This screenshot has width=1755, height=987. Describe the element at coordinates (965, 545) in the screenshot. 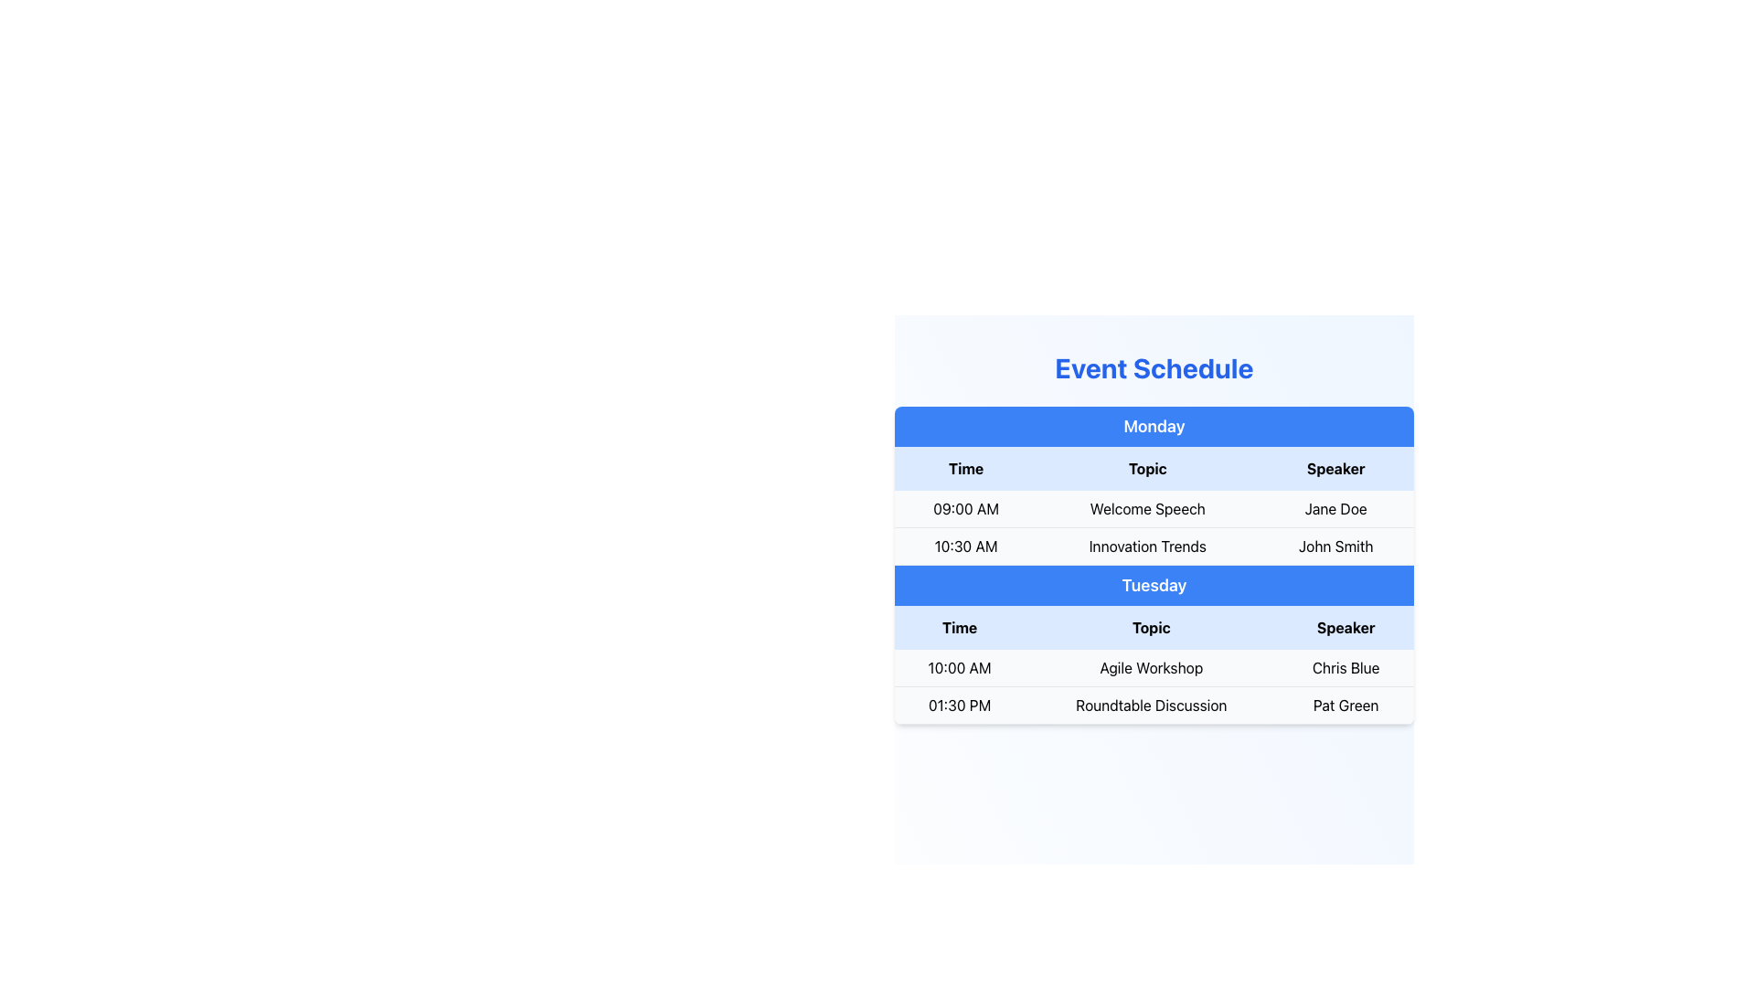

I see `the time label indicating the starting time for a session in the Monday schedule section, located in the first column of the second row of the table` at that location.